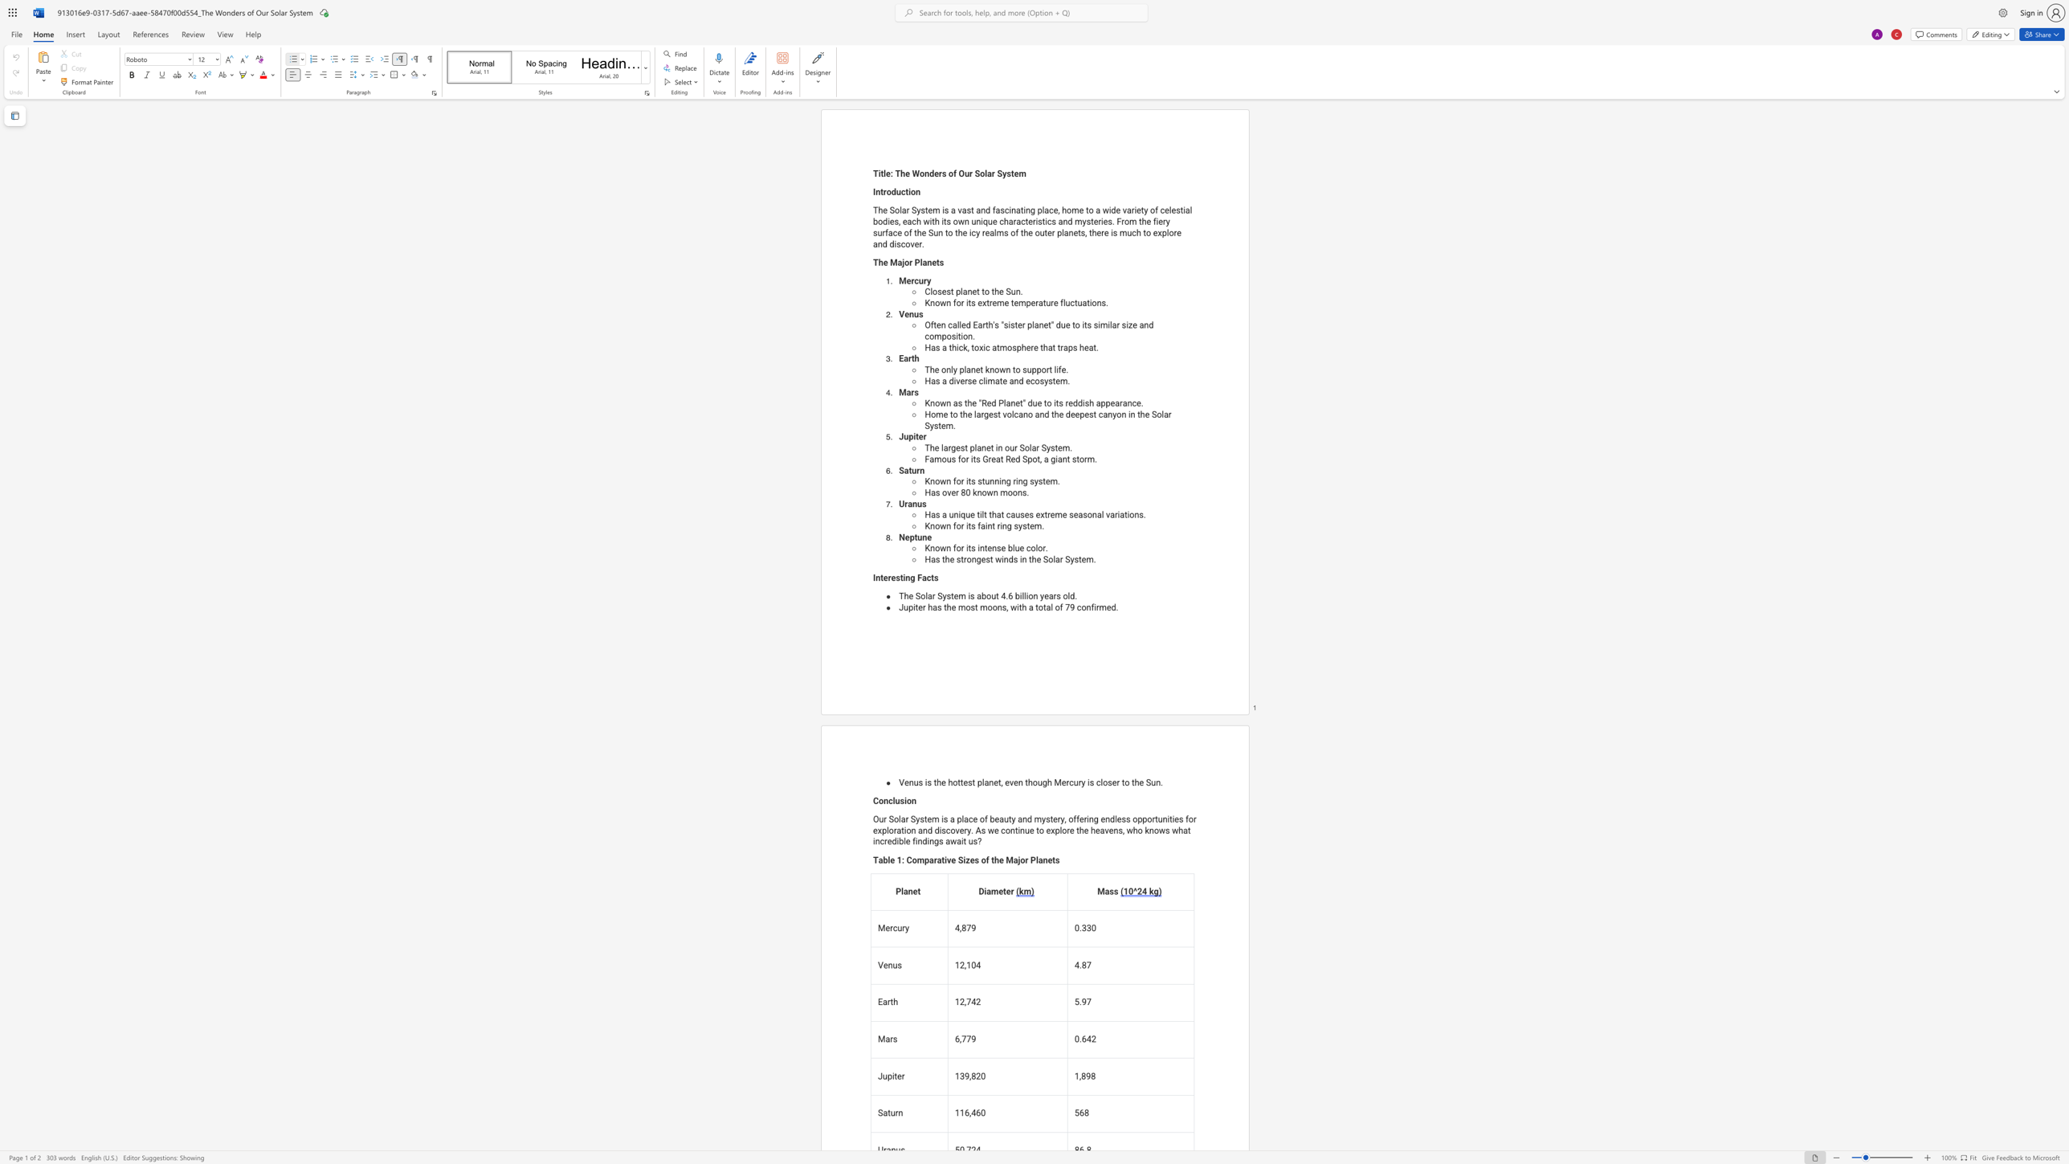 Image resolution: width=2069 pixels, height=1164 pixels. I want to click on the space between the continuous character "t" and "s" in the text, so click(934, 578).